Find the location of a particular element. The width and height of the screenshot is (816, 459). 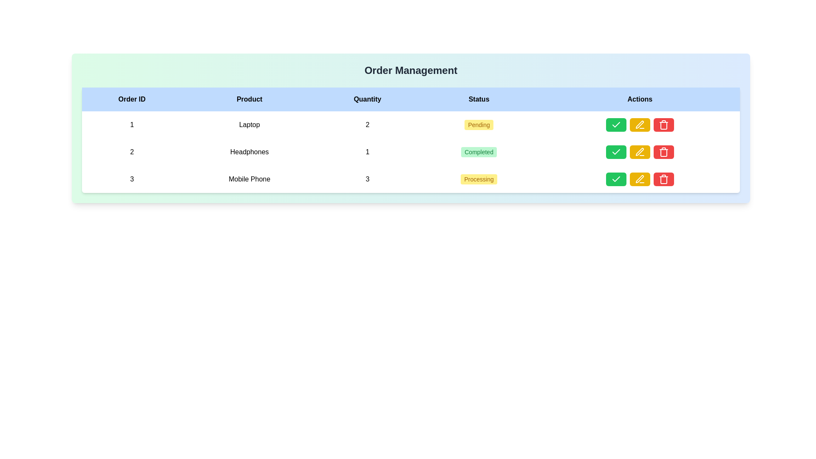

the Text badge in the 'Status' column of the second row, which indicates that the product 'Headphones' is completed is located at coordinates (479, 152).